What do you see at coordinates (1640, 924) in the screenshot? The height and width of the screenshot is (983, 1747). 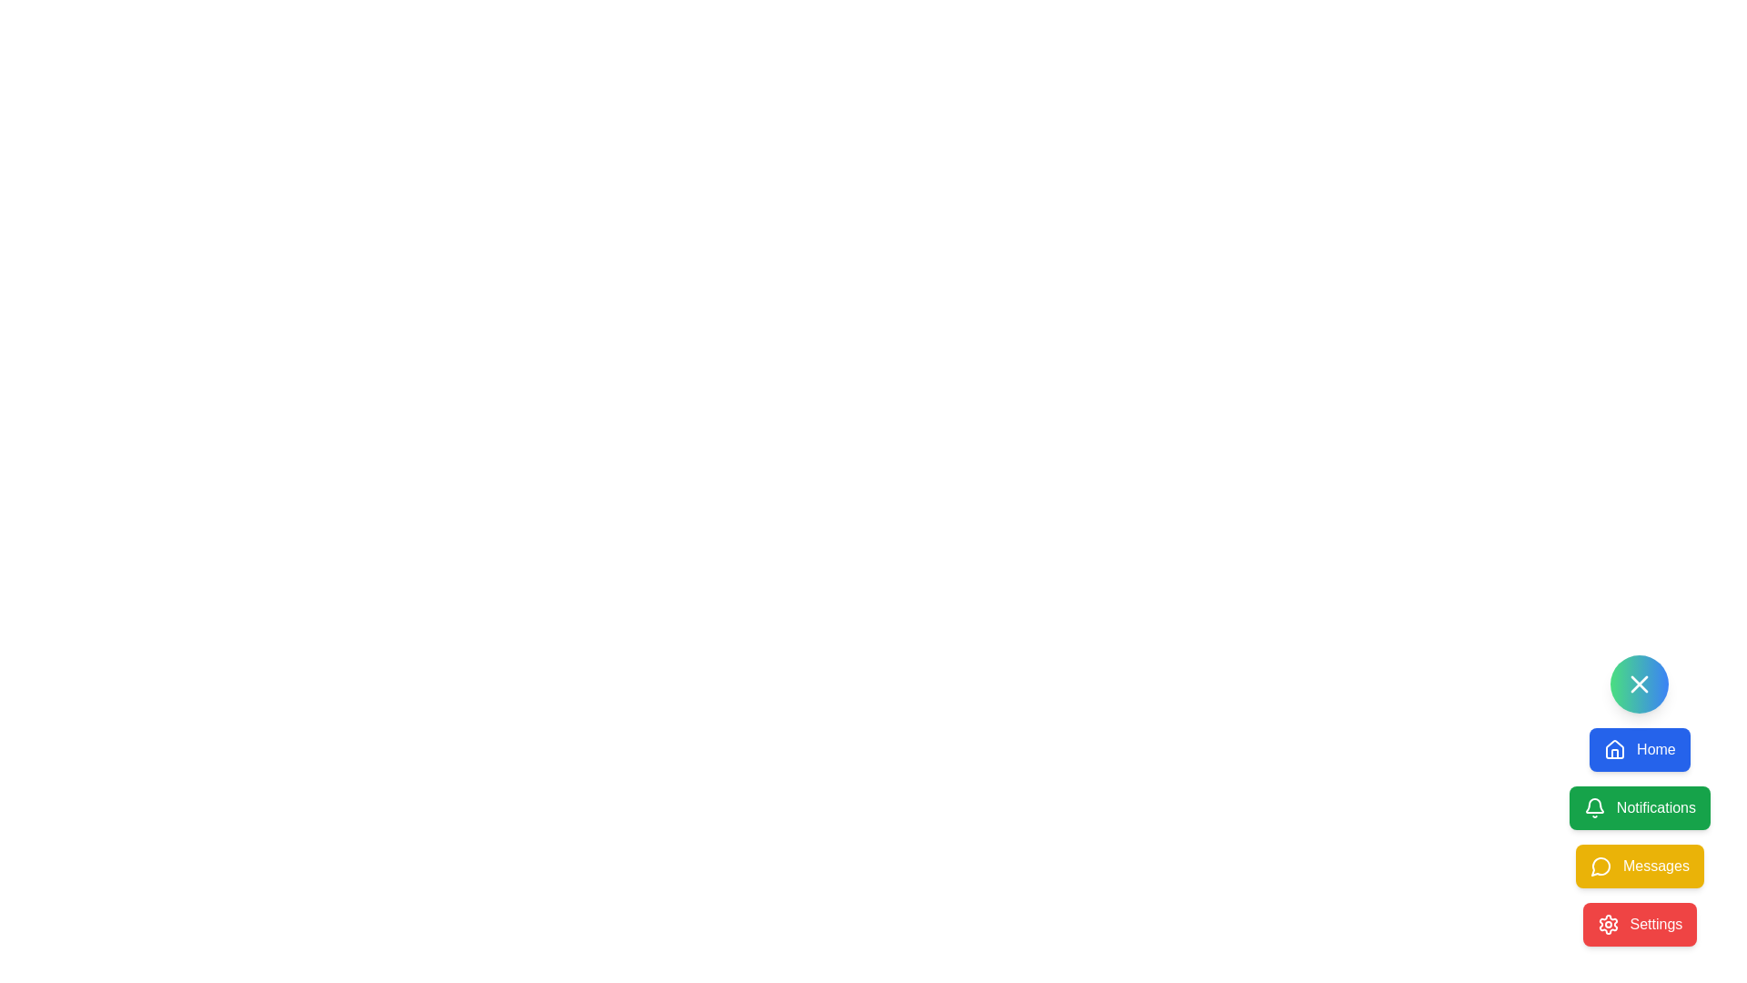 I see `the fourth button in the vertical stack on the right side of the interface` at bounding box center [1640, 924].